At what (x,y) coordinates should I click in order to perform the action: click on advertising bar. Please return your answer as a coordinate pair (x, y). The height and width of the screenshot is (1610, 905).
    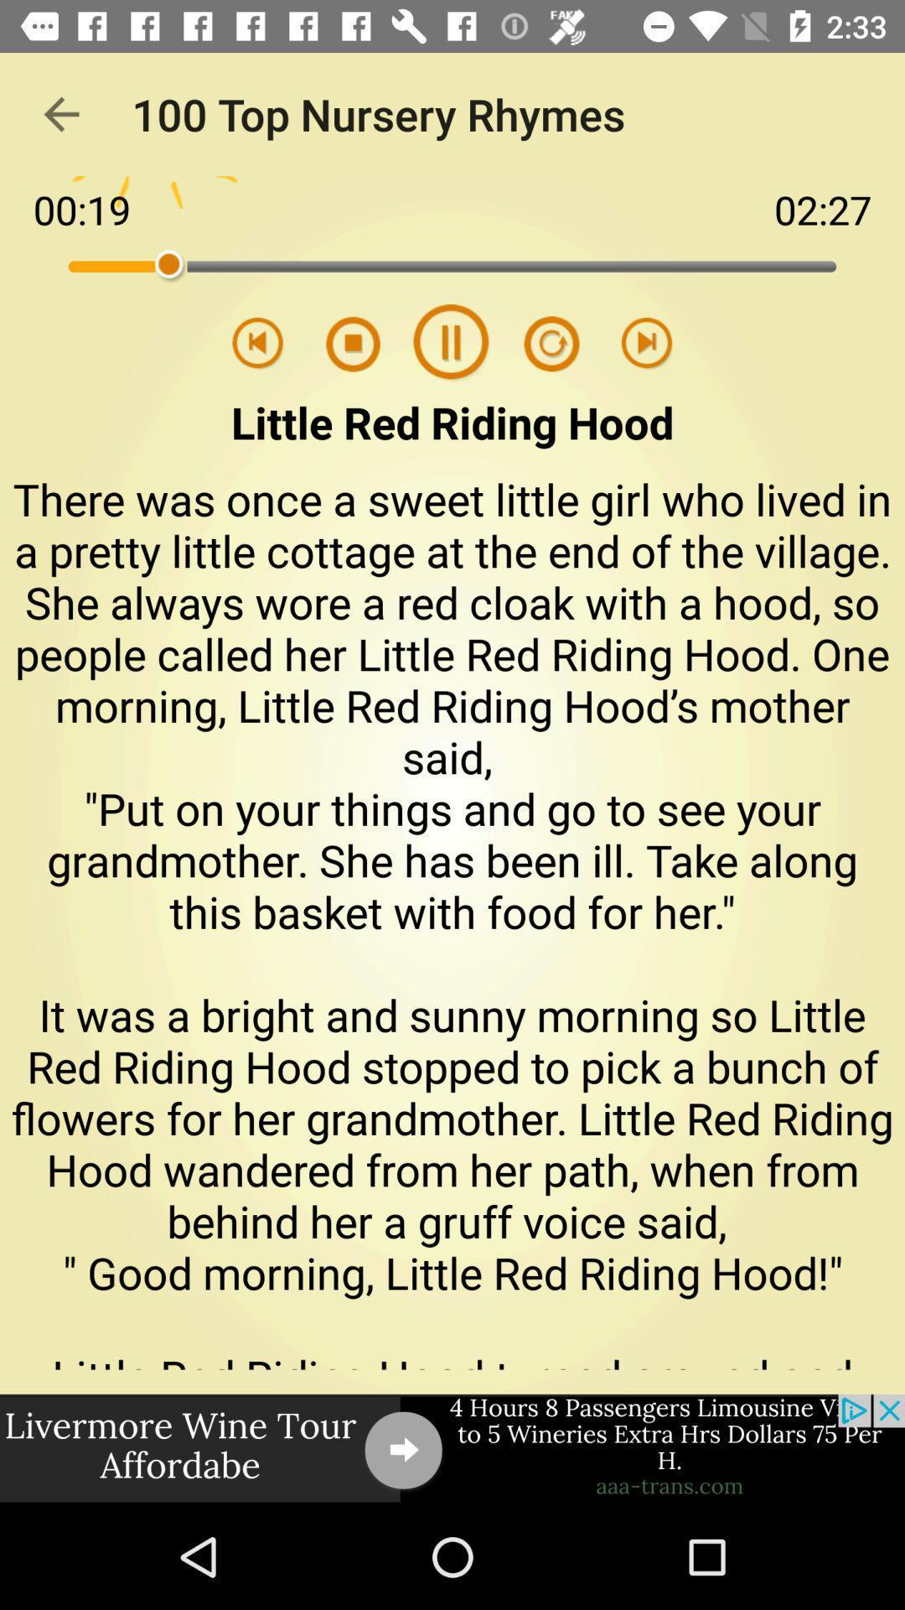
    Looking at the image, I should click on (452, 1448).